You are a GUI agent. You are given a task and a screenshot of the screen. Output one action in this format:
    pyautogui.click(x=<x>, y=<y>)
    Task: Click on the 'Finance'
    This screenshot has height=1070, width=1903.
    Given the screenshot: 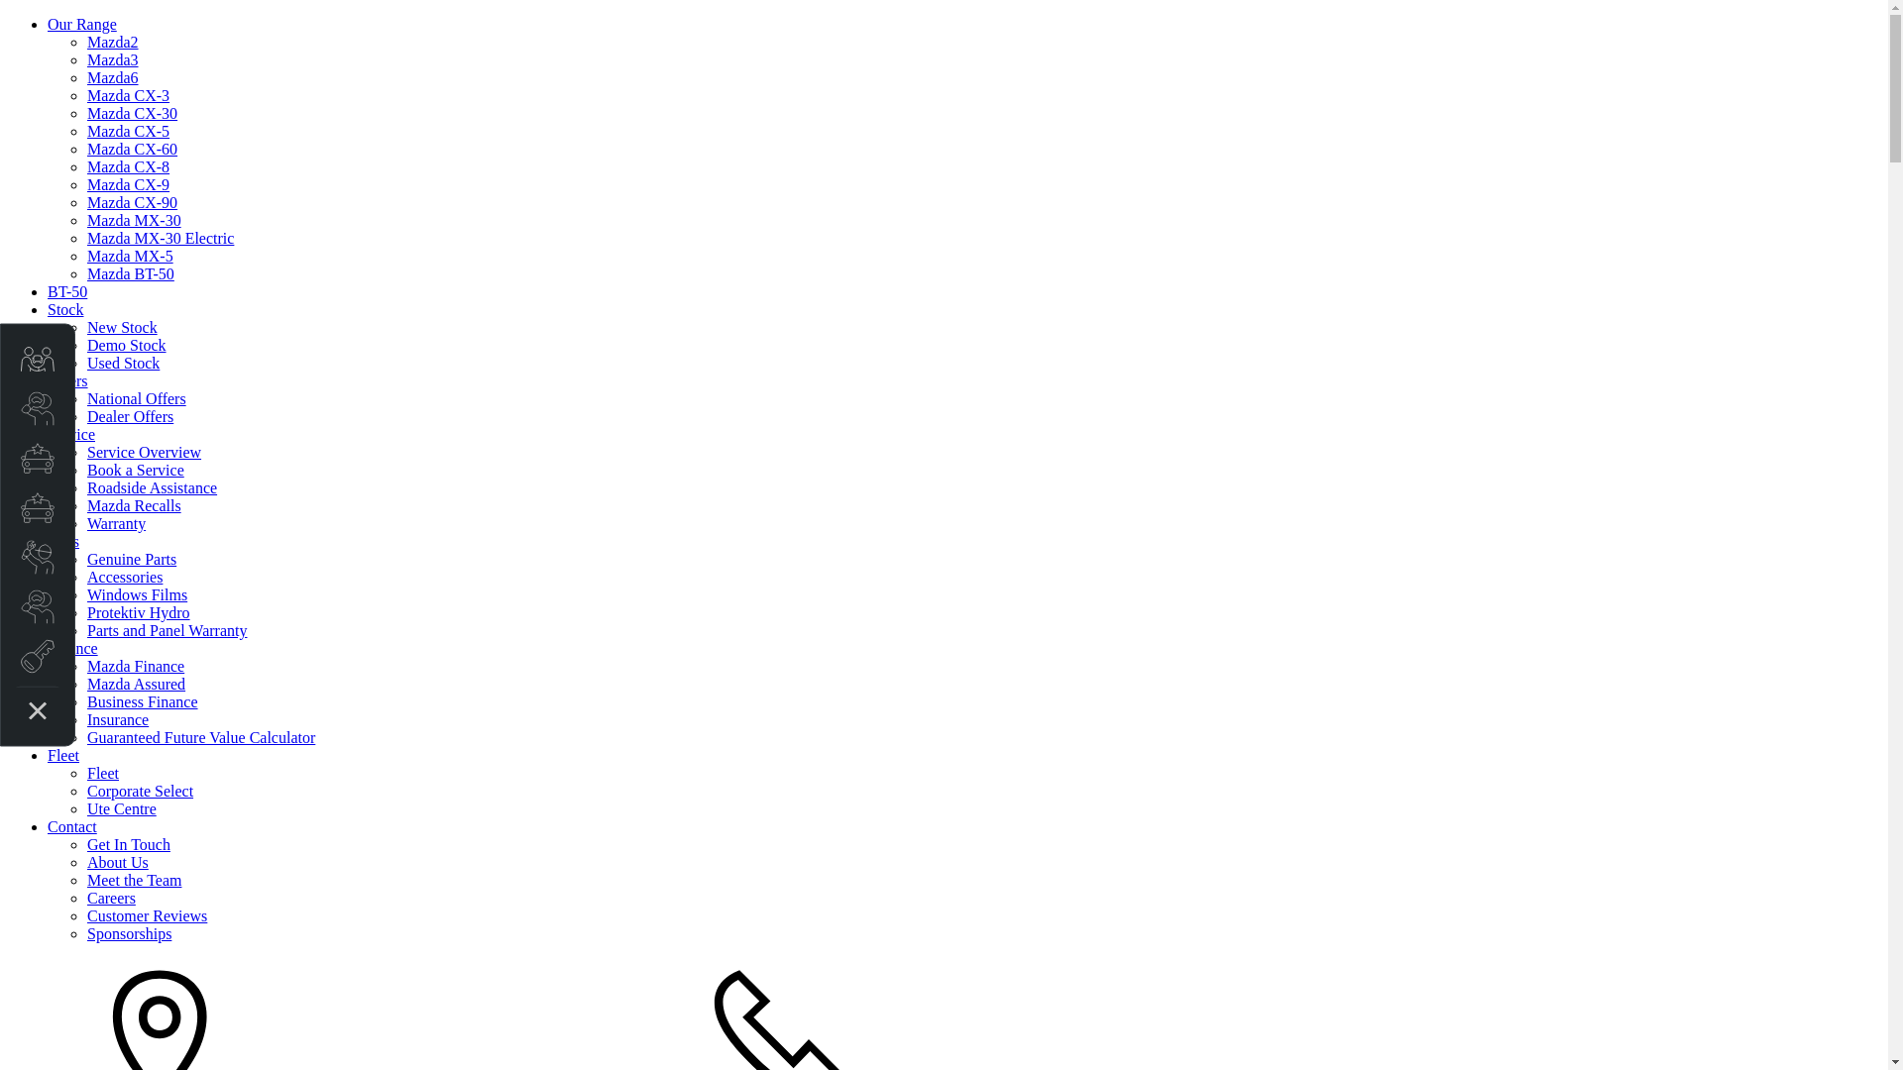 What is the action you would take?
    pyautogui.click(x=72, y=648)
    